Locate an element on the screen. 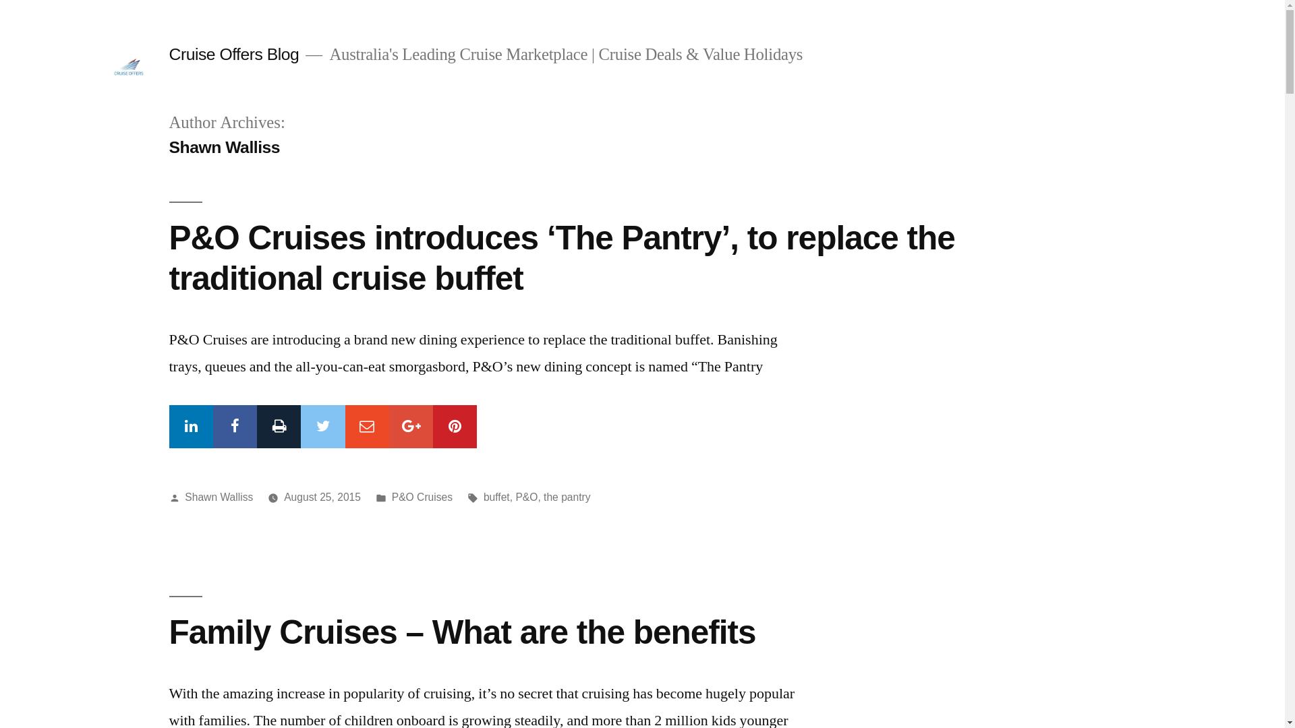 This screenshot has width=1295, height=728. 'Linkedin' is located at coordinates (190, 426).